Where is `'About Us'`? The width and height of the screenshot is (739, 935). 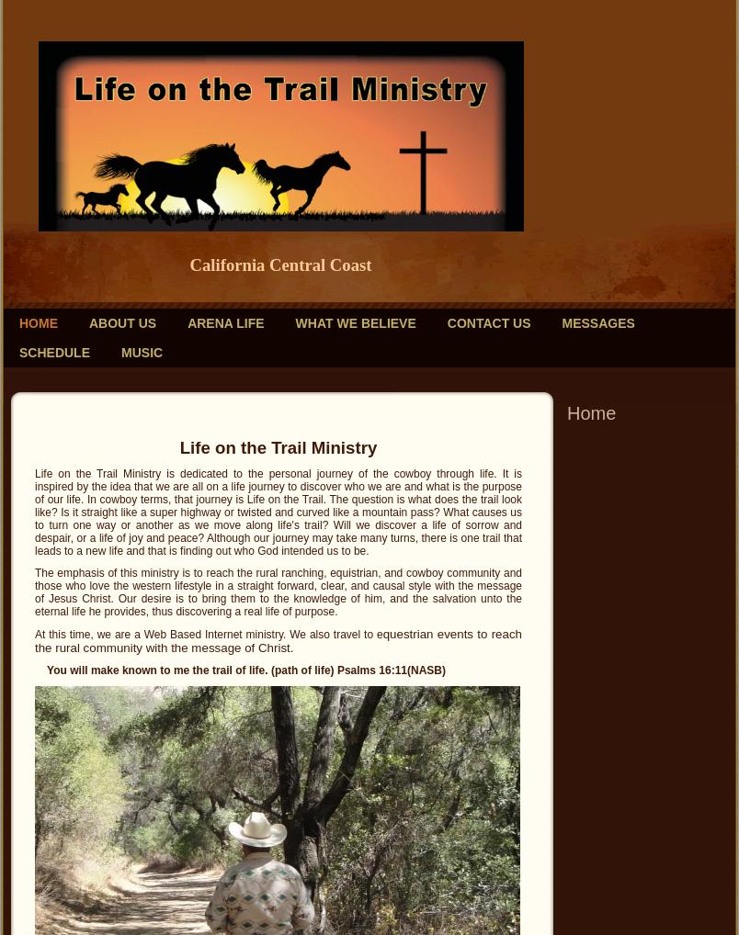
'About Us' is located at coordinates (87, 322).